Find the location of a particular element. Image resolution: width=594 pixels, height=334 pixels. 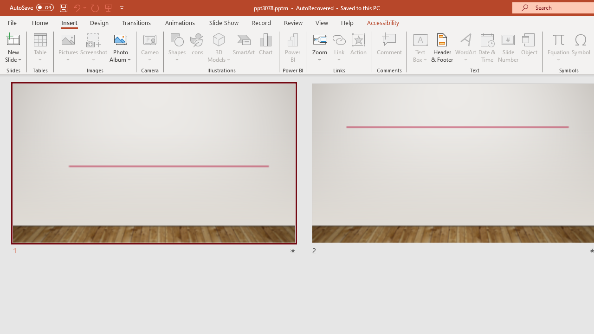

'Symbol...' is located at coordinates (581, 48).